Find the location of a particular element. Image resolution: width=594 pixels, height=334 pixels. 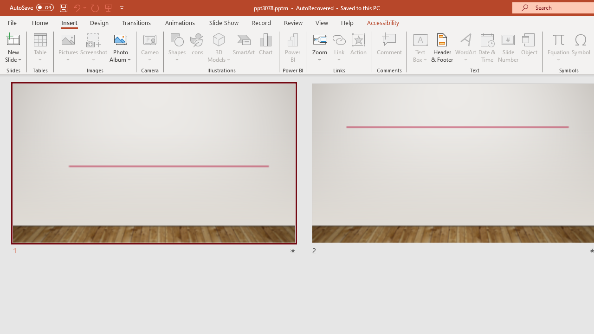

'Symbol...' is located at coordinates (581, 48).